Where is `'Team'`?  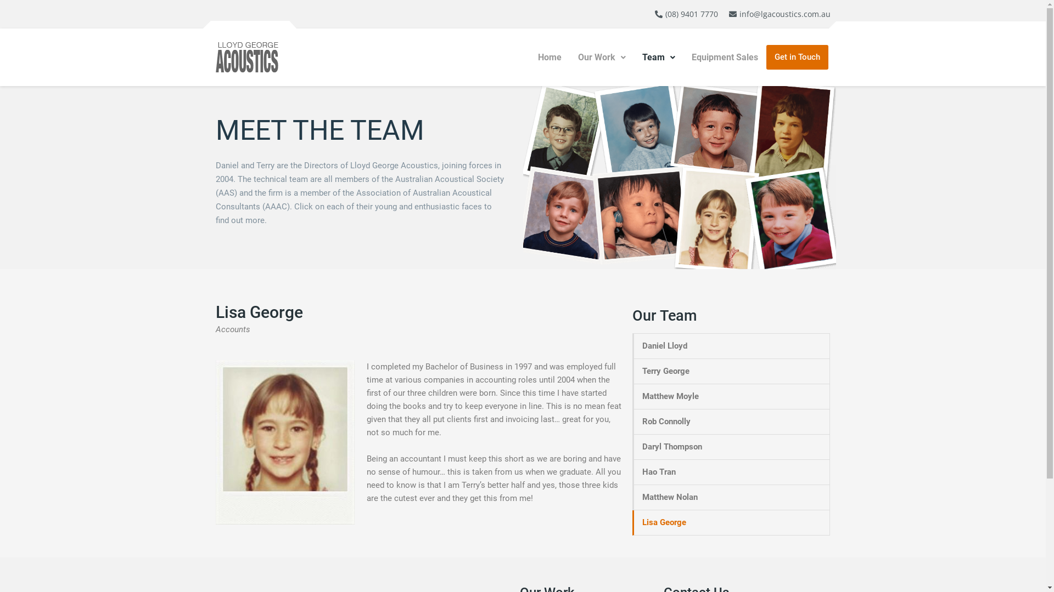 'Team' is located at coordinates (659, 57).